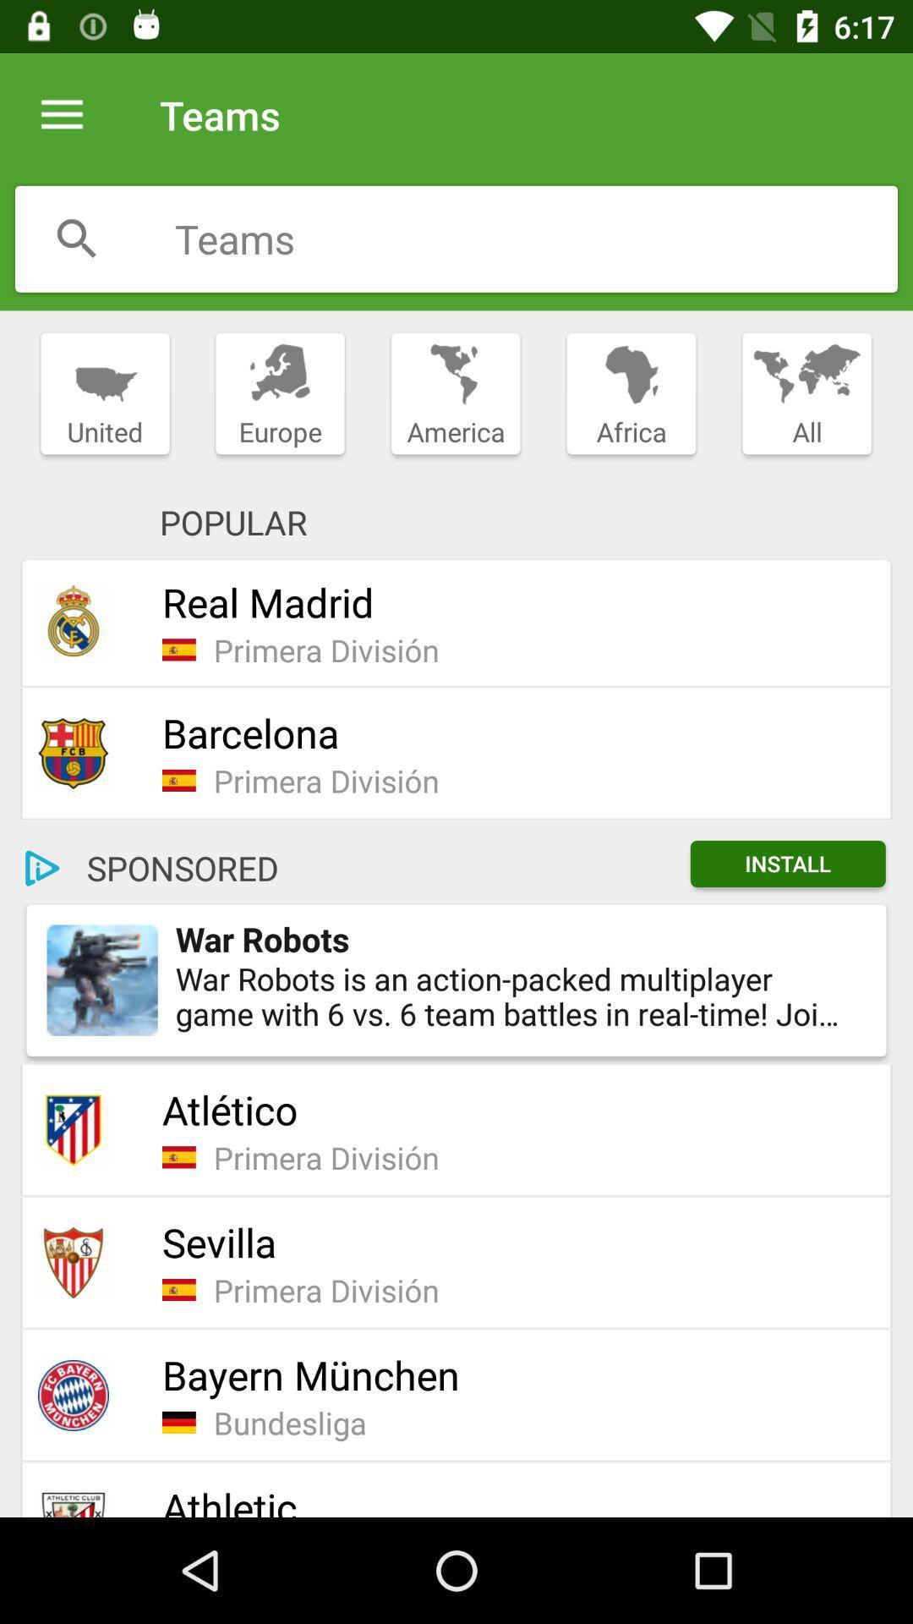 This screenshot has width=913, height=1624. Describe the element at coordinates (788, 864) in the screenshot. I see `the item next to sponsored` at that location.